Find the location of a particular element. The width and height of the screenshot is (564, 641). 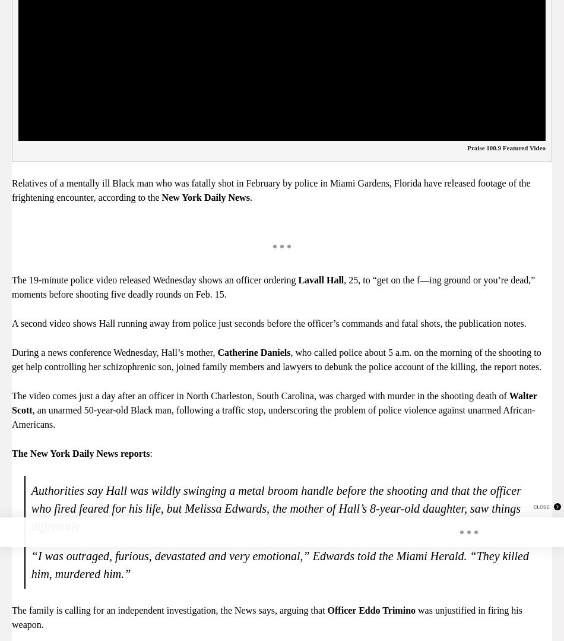

', who called police about 5 a.m. on the morning of the shooting to get help controlling her schizophrenic son, joined family members and lawyers to debunk the police account of the killing, the report notes.' is located at coordinates (275, 359).